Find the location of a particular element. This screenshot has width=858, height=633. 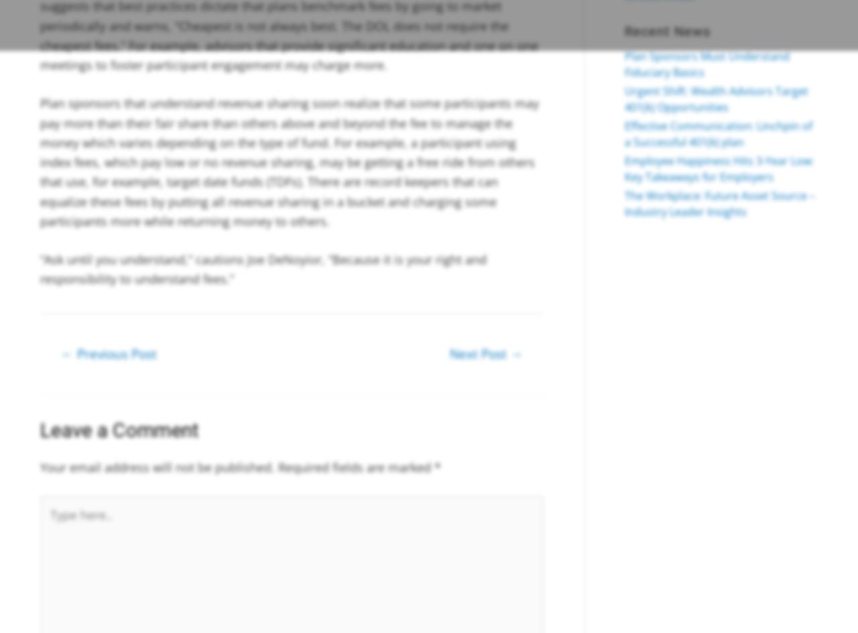

'Plan Sponsors Must Understand Fiduciary Basics' is located at coordinates (623, 64).